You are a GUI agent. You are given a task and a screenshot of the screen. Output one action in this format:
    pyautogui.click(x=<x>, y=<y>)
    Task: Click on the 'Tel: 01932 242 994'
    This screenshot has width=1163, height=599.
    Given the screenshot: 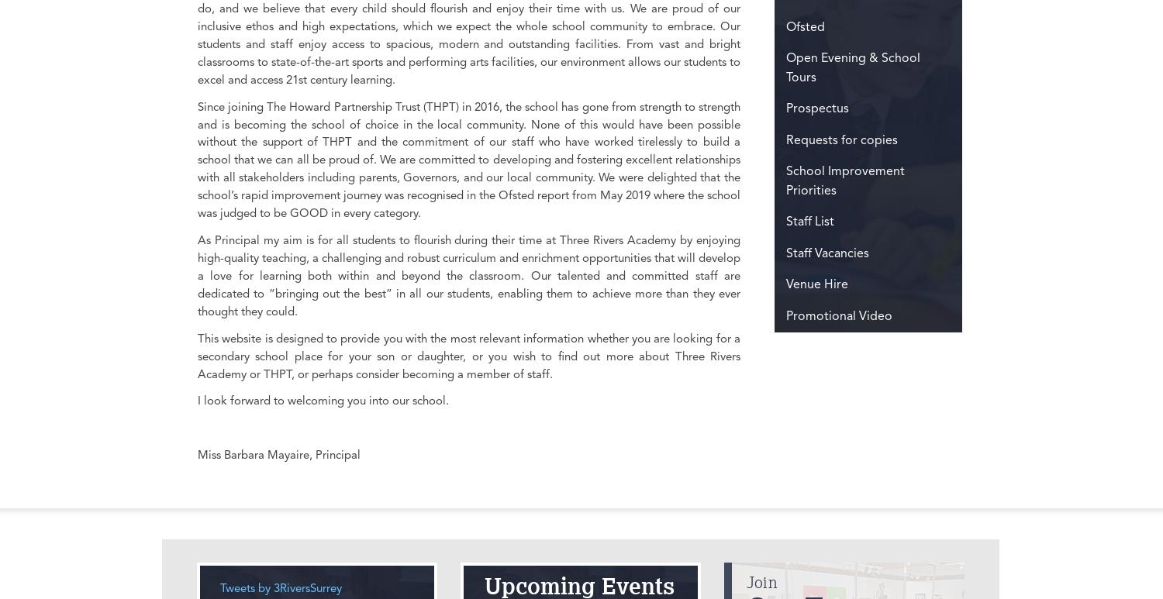 What is the action you would take?
    pyautogui.click(x=483, y=120)
    